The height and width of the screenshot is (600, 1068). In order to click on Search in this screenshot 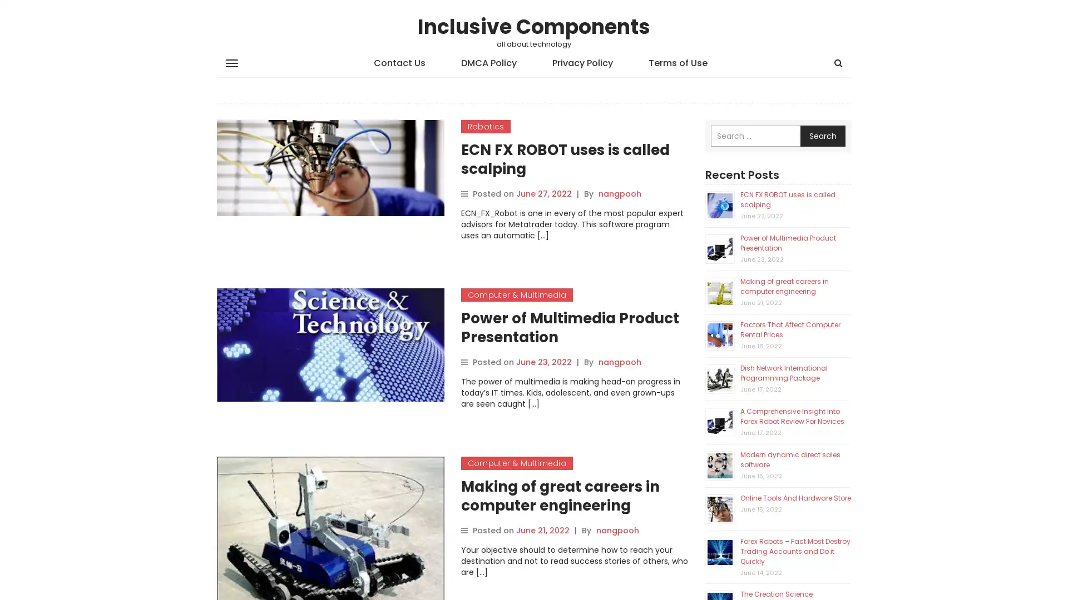, I will do `click(823, 136)`.